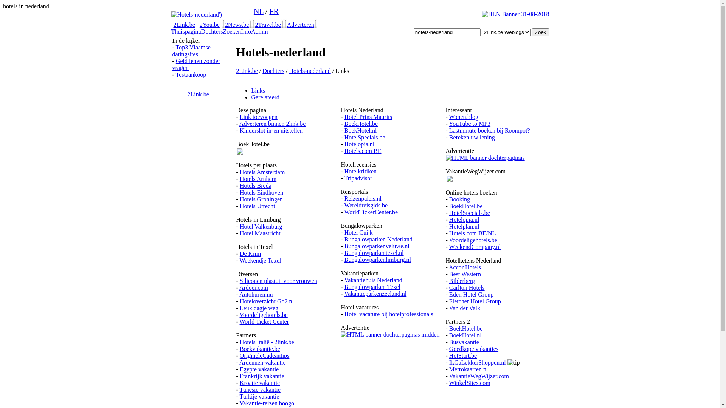 The image size is (726, 408). I want to click on 'Leuk dagje weg', so click(259, 308).